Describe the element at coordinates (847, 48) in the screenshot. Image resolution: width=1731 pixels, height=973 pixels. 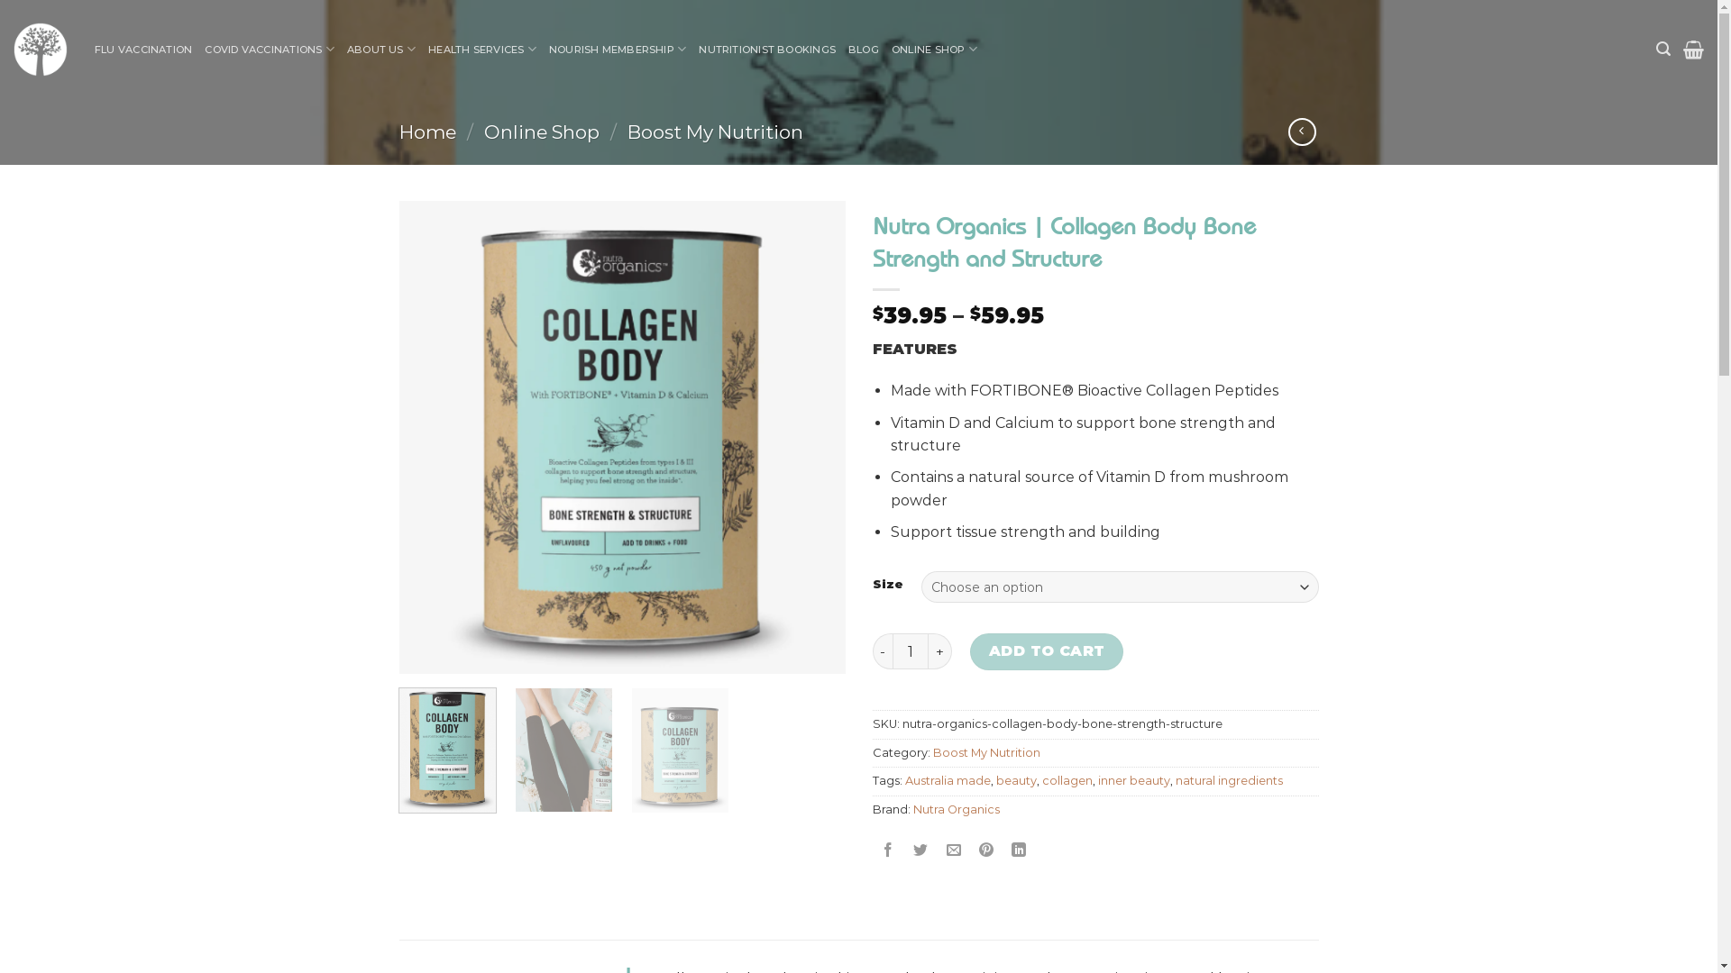
I see `'BLOG'` at that location.